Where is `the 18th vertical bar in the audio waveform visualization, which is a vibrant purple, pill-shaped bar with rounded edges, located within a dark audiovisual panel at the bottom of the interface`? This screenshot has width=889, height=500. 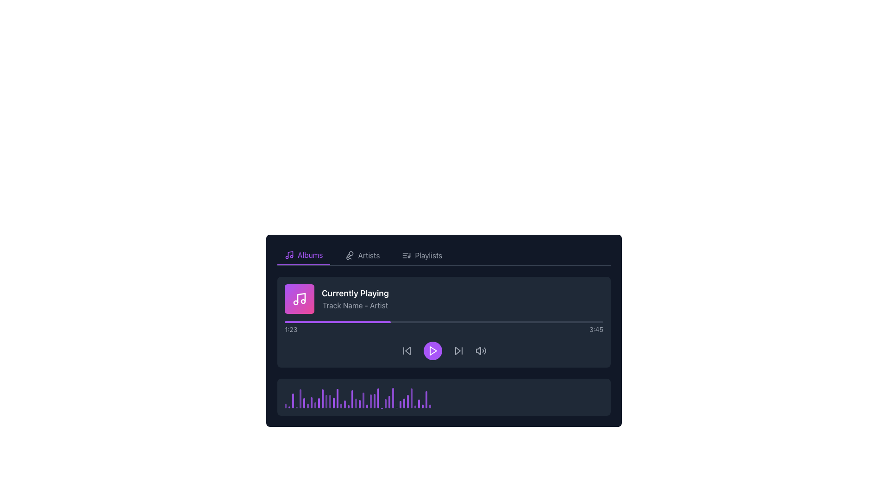
the 18th vertical bar in the audio waveform visualization, which is a vibrant purple, pill-shaped bar with rounded edges, located within a dark audiovisual panel at the bottom of the interface is located at coordinates (344, 403).